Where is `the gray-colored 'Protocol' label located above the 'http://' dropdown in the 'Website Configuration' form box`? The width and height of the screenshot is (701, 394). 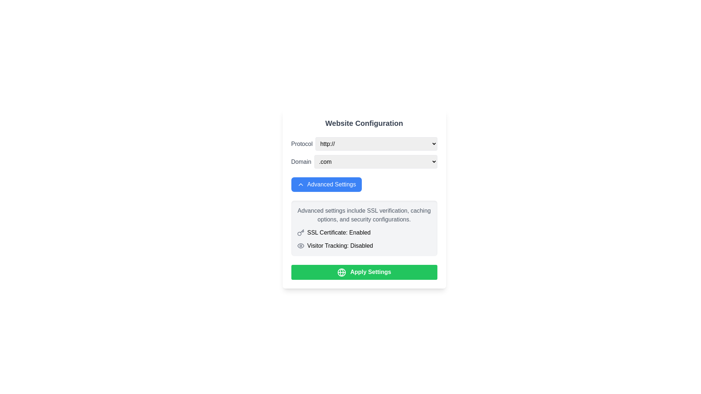 the gray-colored 'Protocol' label located above the 'http://' dropdown in the 'Website Configuration' form box is located at coordinates (302, 144).